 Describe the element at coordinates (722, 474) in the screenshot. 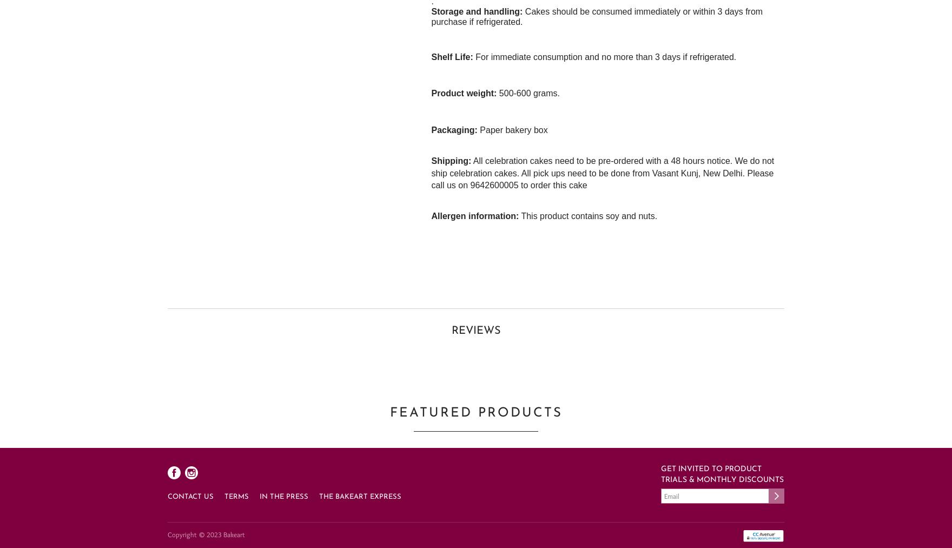

I see `'Get invited to product trials & monthly discounts'` at that location.